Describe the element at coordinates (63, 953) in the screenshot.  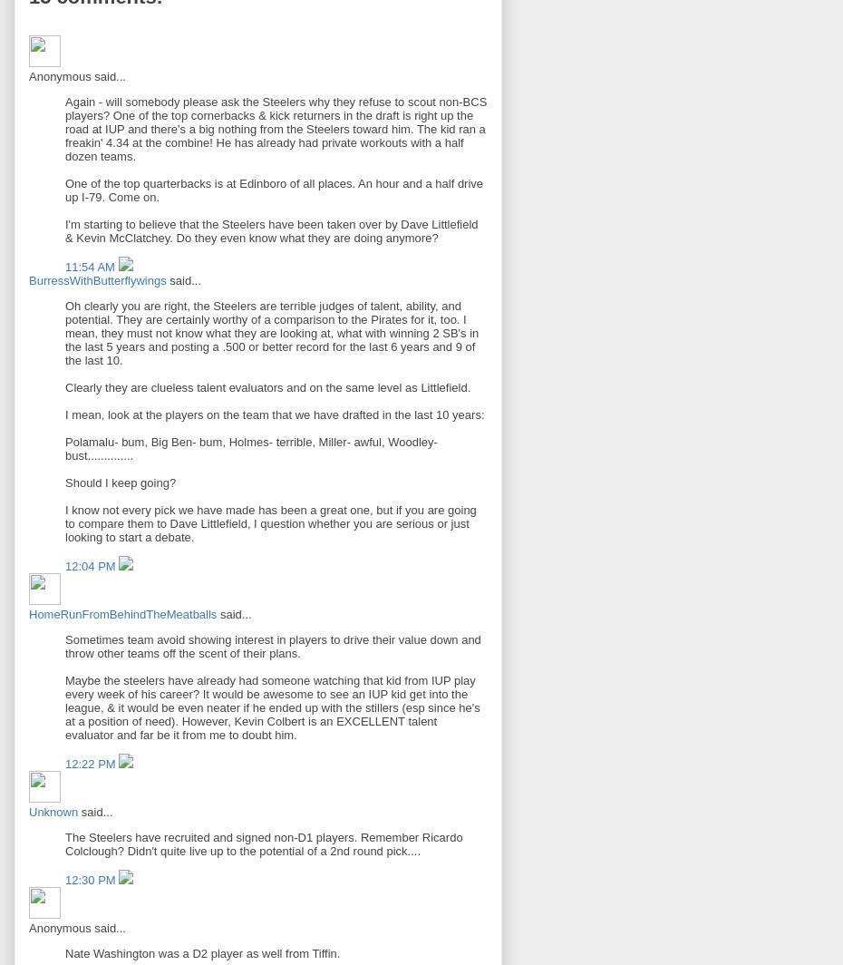
I see `'Nate Washington was a D2 player as well from Tiffin.'` at that location.